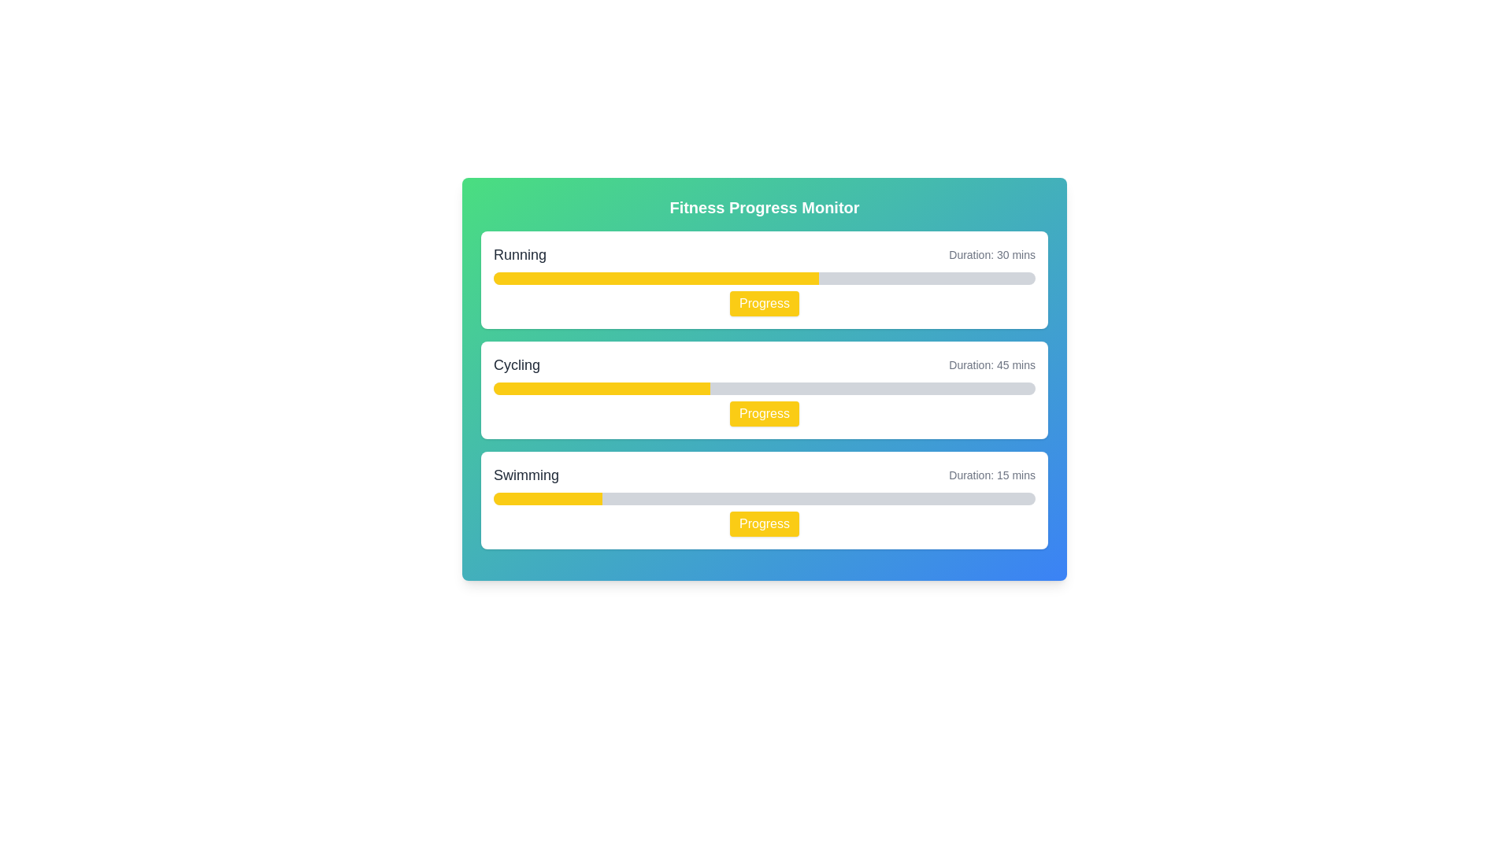  What do you see at coordinates (764, 412) in the screenshot?
I see `the yellow 'Progress' button located at the bottom-right corner of the 'Cycling' section` at bounding box center [764, 412].